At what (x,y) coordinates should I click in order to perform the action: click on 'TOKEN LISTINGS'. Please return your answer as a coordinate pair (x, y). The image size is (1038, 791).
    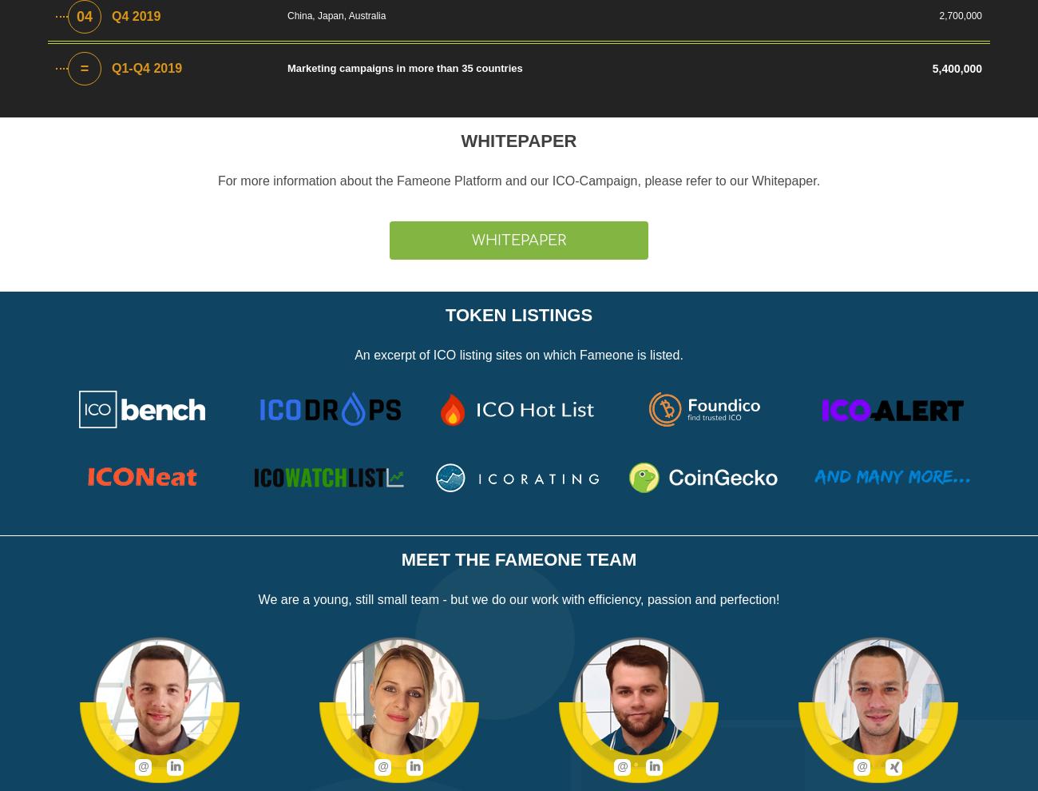
    Looking at the image, I should click on (518, 315).